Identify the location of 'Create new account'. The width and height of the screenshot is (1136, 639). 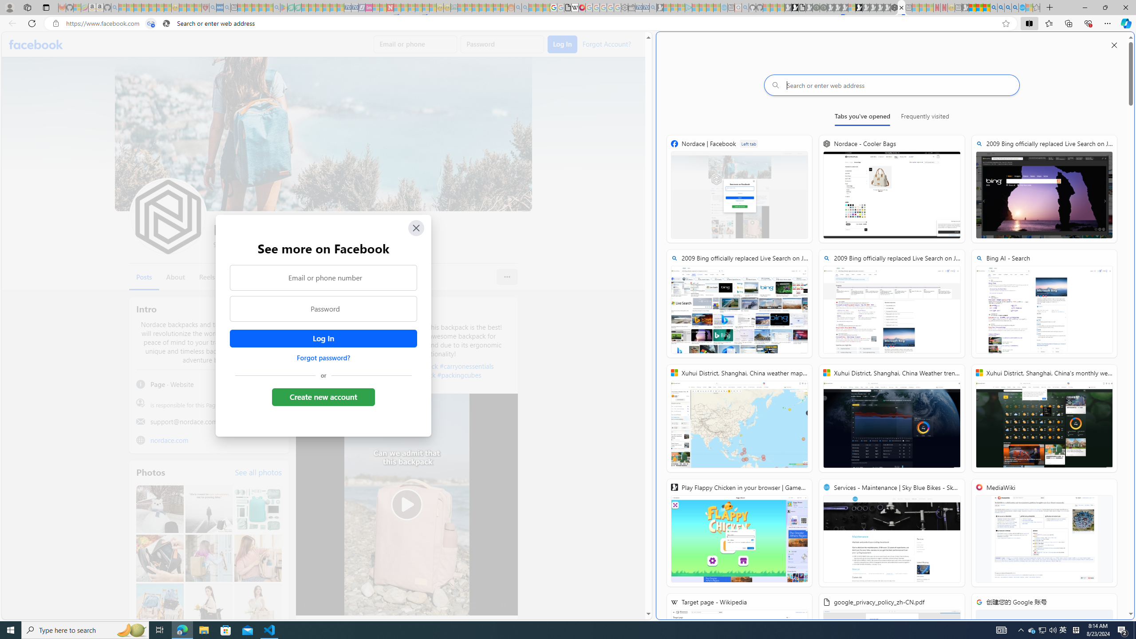
(323, 396).